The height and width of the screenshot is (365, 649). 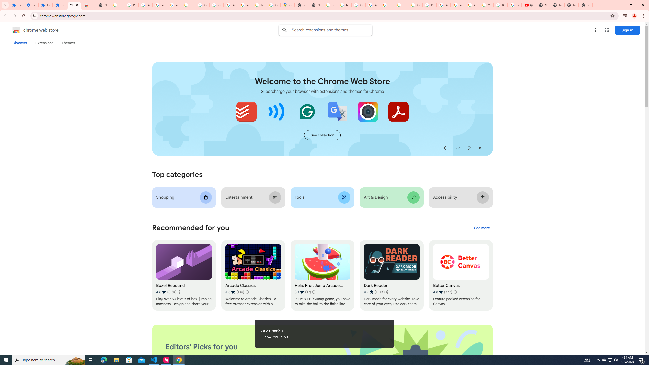 What do you see at coordinates (398, 112) in the screenshot?
I see `'Adobe Acrobat: PDF edit, convert, sign tools'` at bounding box center [398, 112].